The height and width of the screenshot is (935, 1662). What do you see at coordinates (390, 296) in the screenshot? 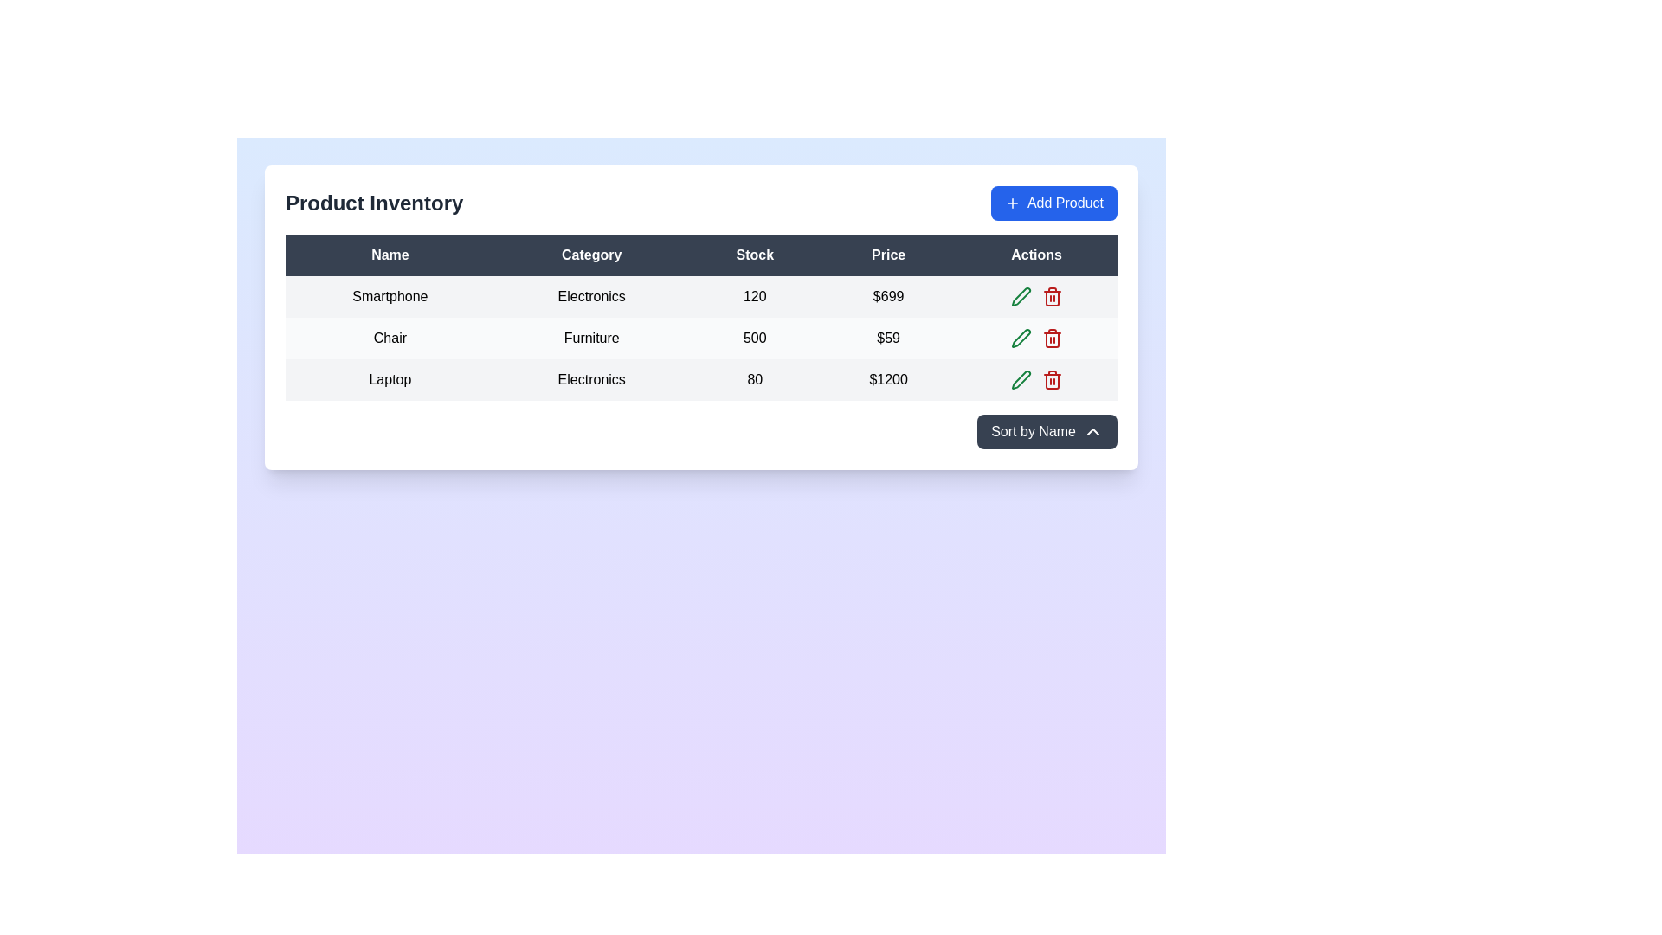
I see `the text label displaying 'Smartphone' in the 'Name' column of the table` at bounding box center [390, 296].